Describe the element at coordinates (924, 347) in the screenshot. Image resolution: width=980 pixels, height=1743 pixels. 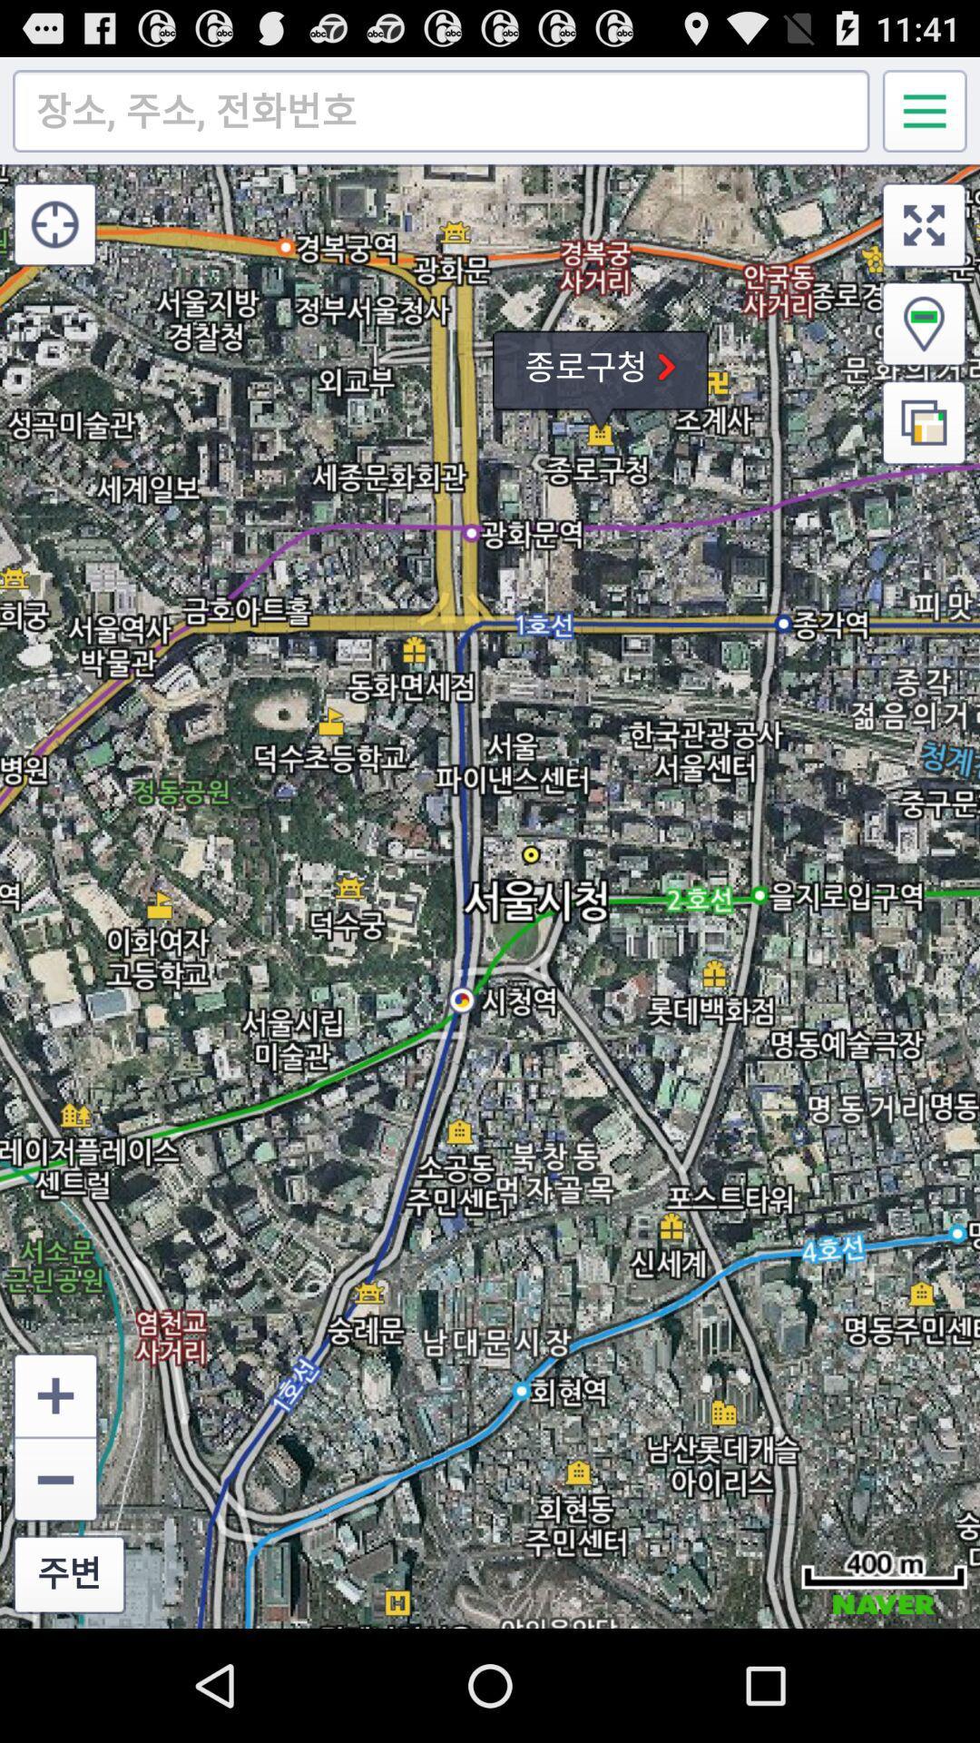
I see `the location icon` at that location.